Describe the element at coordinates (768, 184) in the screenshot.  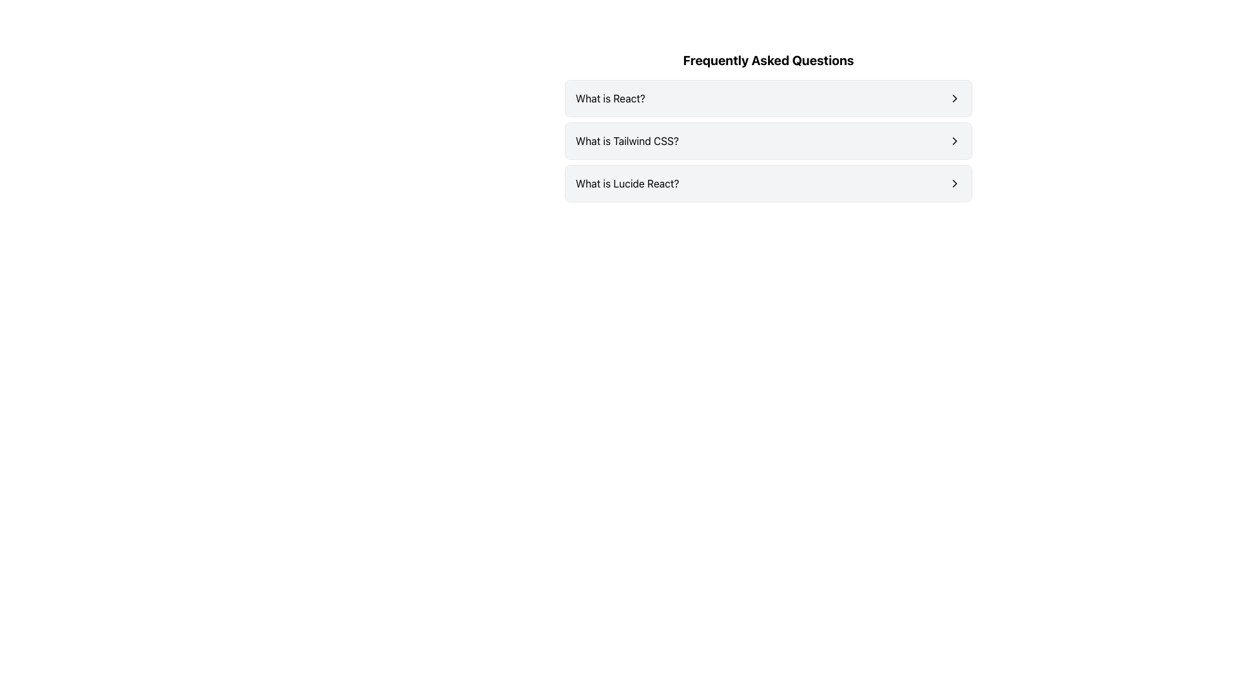
I see `the third button in the vertical stack` at that location.